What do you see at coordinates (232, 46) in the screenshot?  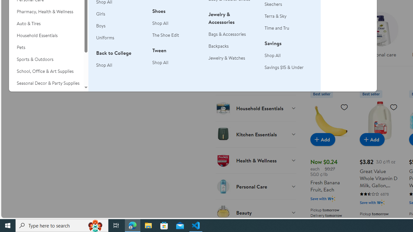 I see `'Backpacks'` at bounding box center [232, 46].